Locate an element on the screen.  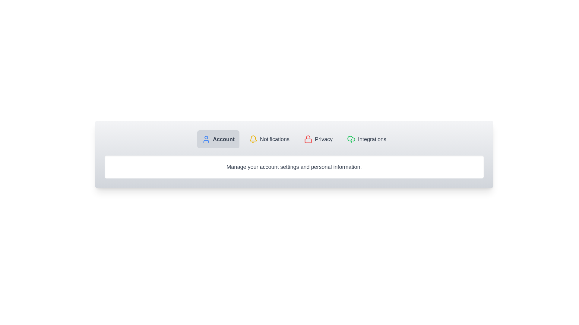
navigational Text label for 'Integrations' located in the horizontal navigation menu on the right side, adjacent to the cloud with a lightning bolt icon is located at coordinates (372, 139).